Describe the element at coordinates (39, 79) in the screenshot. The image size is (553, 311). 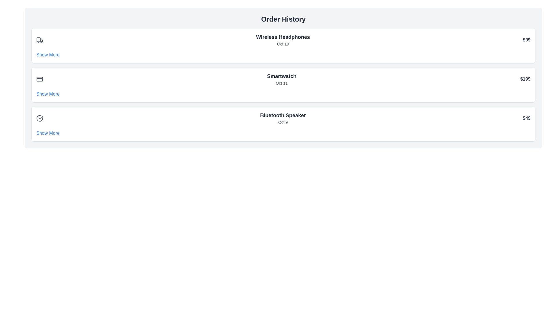
I see `the top rectangular portion of the credit card icon, which is located to the left of the 'Smartwatch' text in the vertical list layout` at that location.